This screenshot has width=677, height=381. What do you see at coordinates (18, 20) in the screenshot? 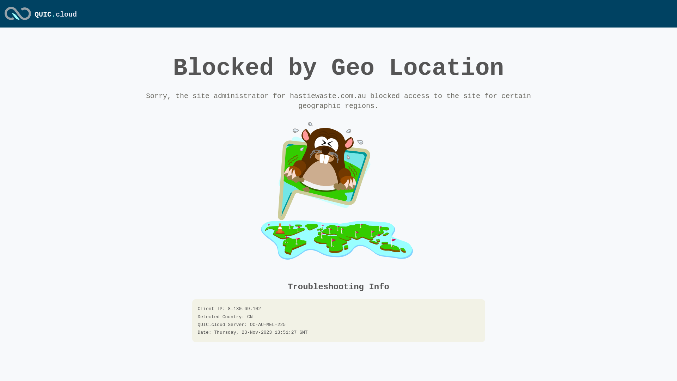
I see `'QUIC.cloud'` at bounding box center [18, 20].